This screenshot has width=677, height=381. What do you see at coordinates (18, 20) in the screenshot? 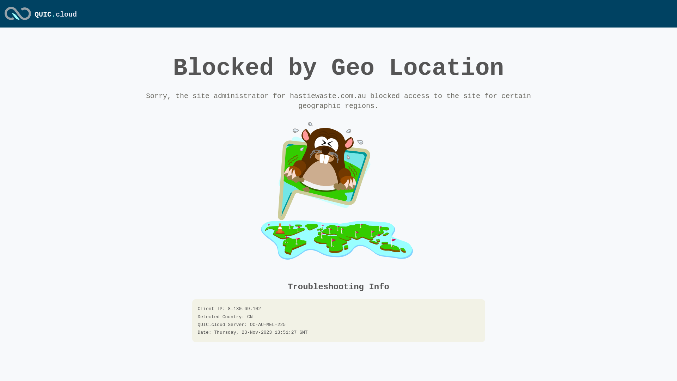
I see `'QUIC.cloud'` at bounding box center [18, 20].